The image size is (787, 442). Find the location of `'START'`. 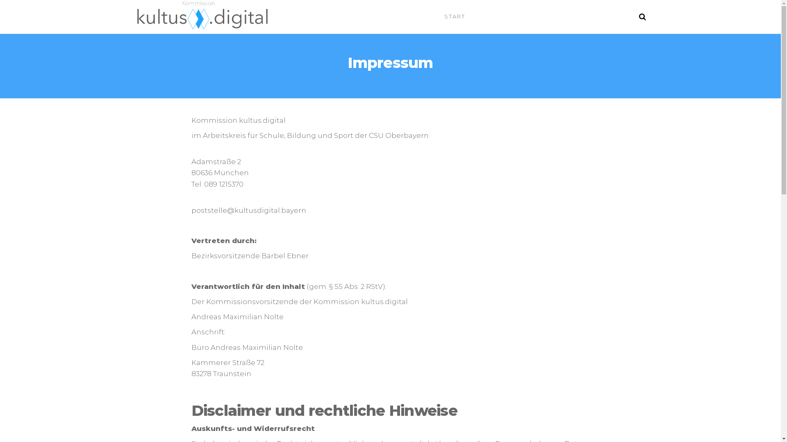

'START' is located at coordinates (454, 16).